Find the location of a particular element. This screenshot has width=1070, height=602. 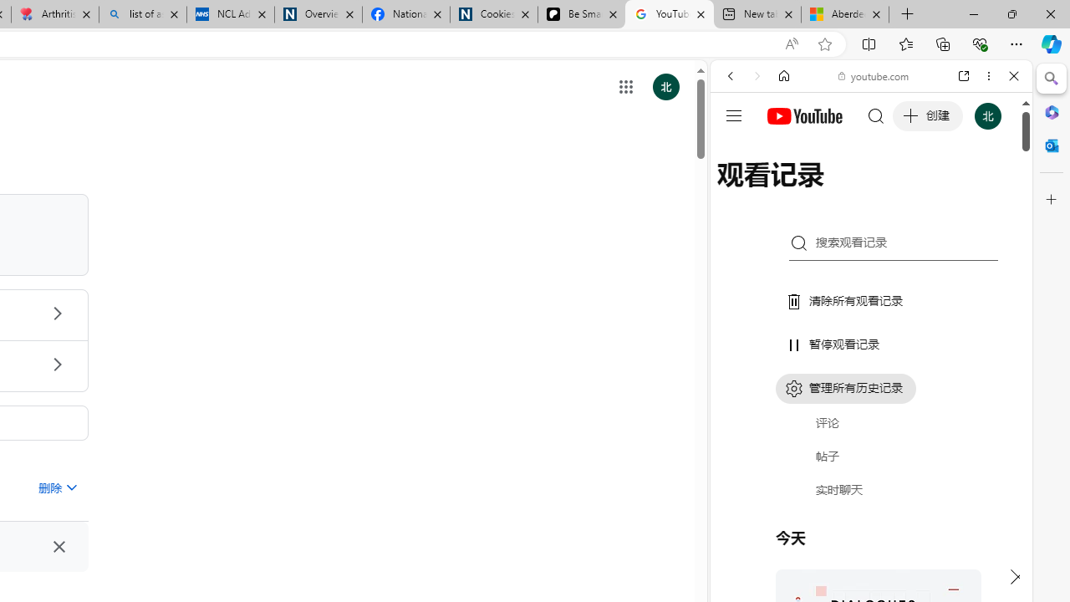

'Class: gb_E' is located at coordinates (625, 87).